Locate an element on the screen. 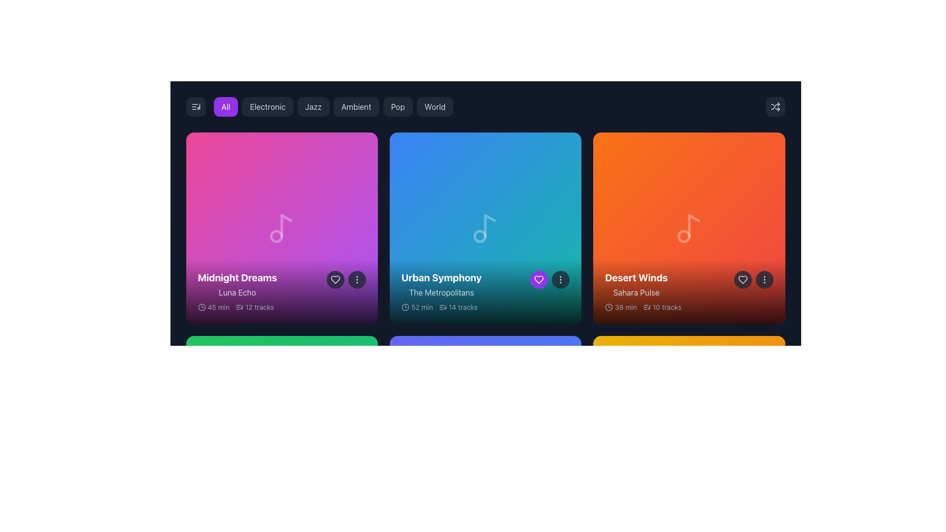 This screenshot has width=946, height=532. the button located is located at coordinates (356, 280).